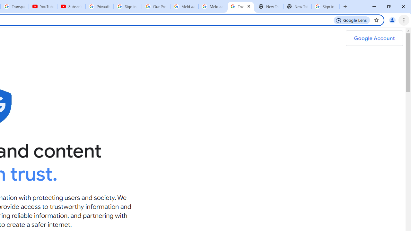  Describe the element at coordinates (376, 20) in the screenshot. I see `'Bookmark this tab'` at that location.